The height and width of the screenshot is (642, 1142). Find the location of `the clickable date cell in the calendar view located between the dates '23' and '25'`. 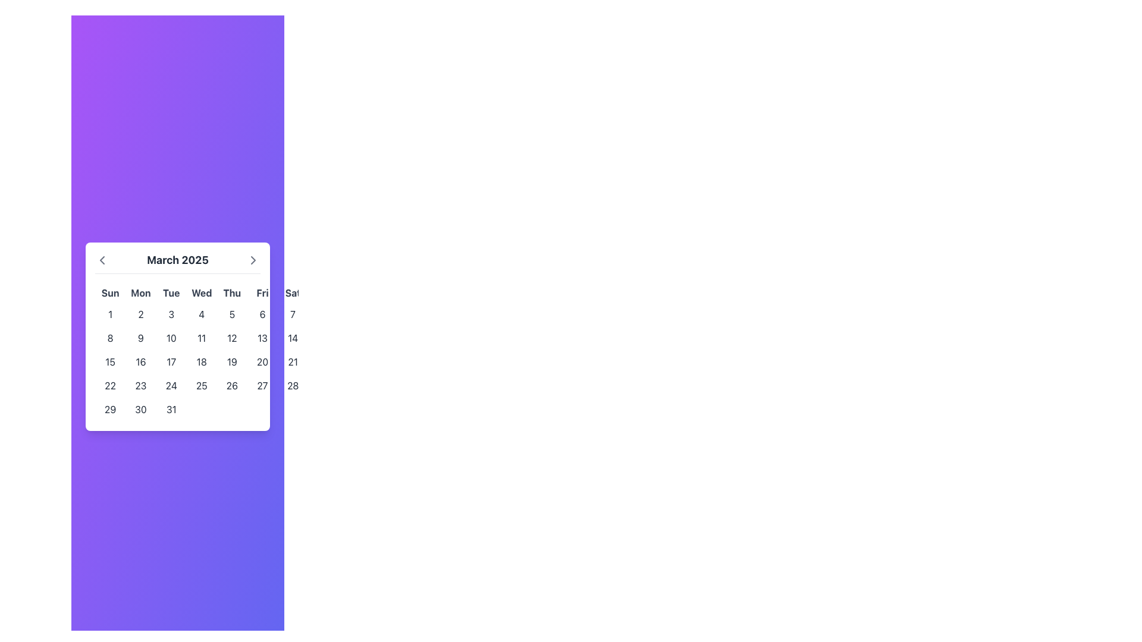

the clickable date cell in the calendar view located between the dates '23' and '25' is located at coordinates (171, 385).